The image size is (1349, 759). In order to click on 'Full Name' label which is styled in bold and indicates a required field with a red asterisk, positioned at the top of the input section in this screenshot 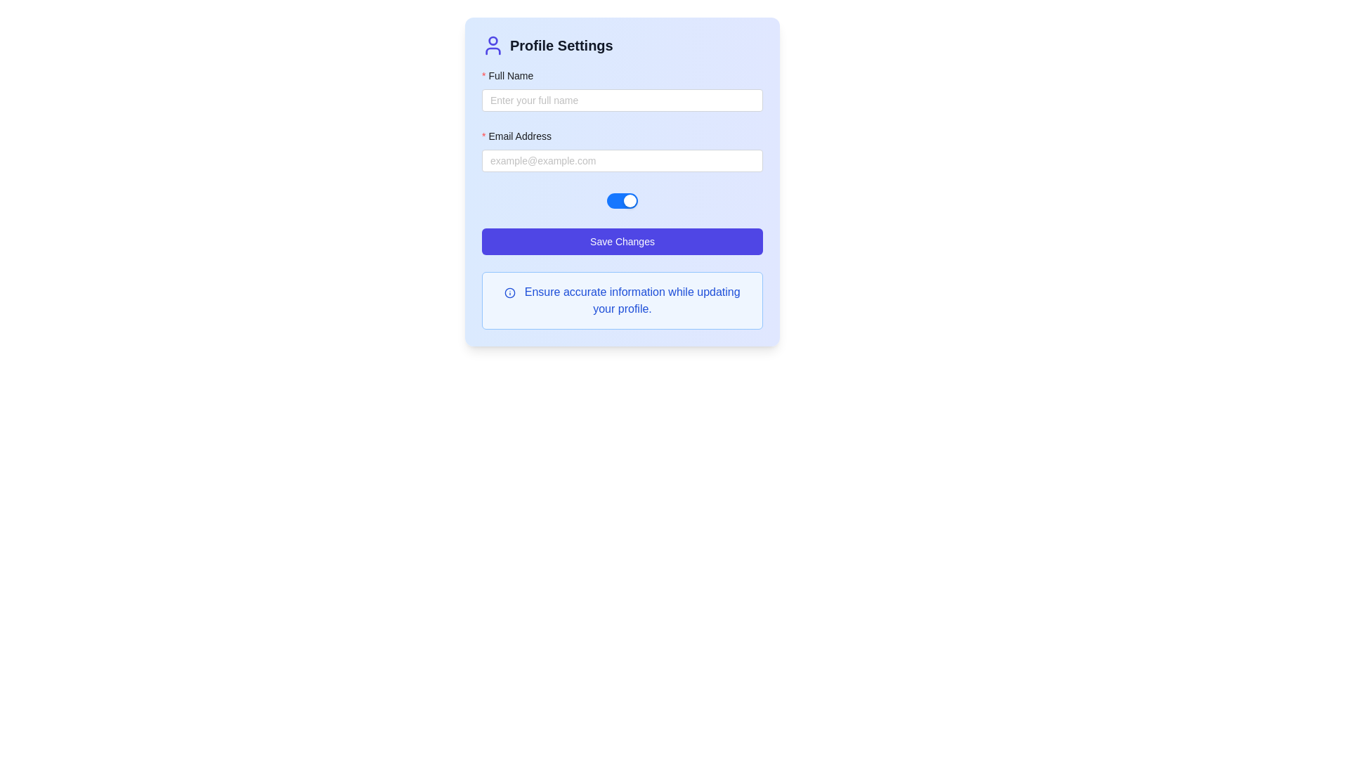, I will do `click(622, 78)`.